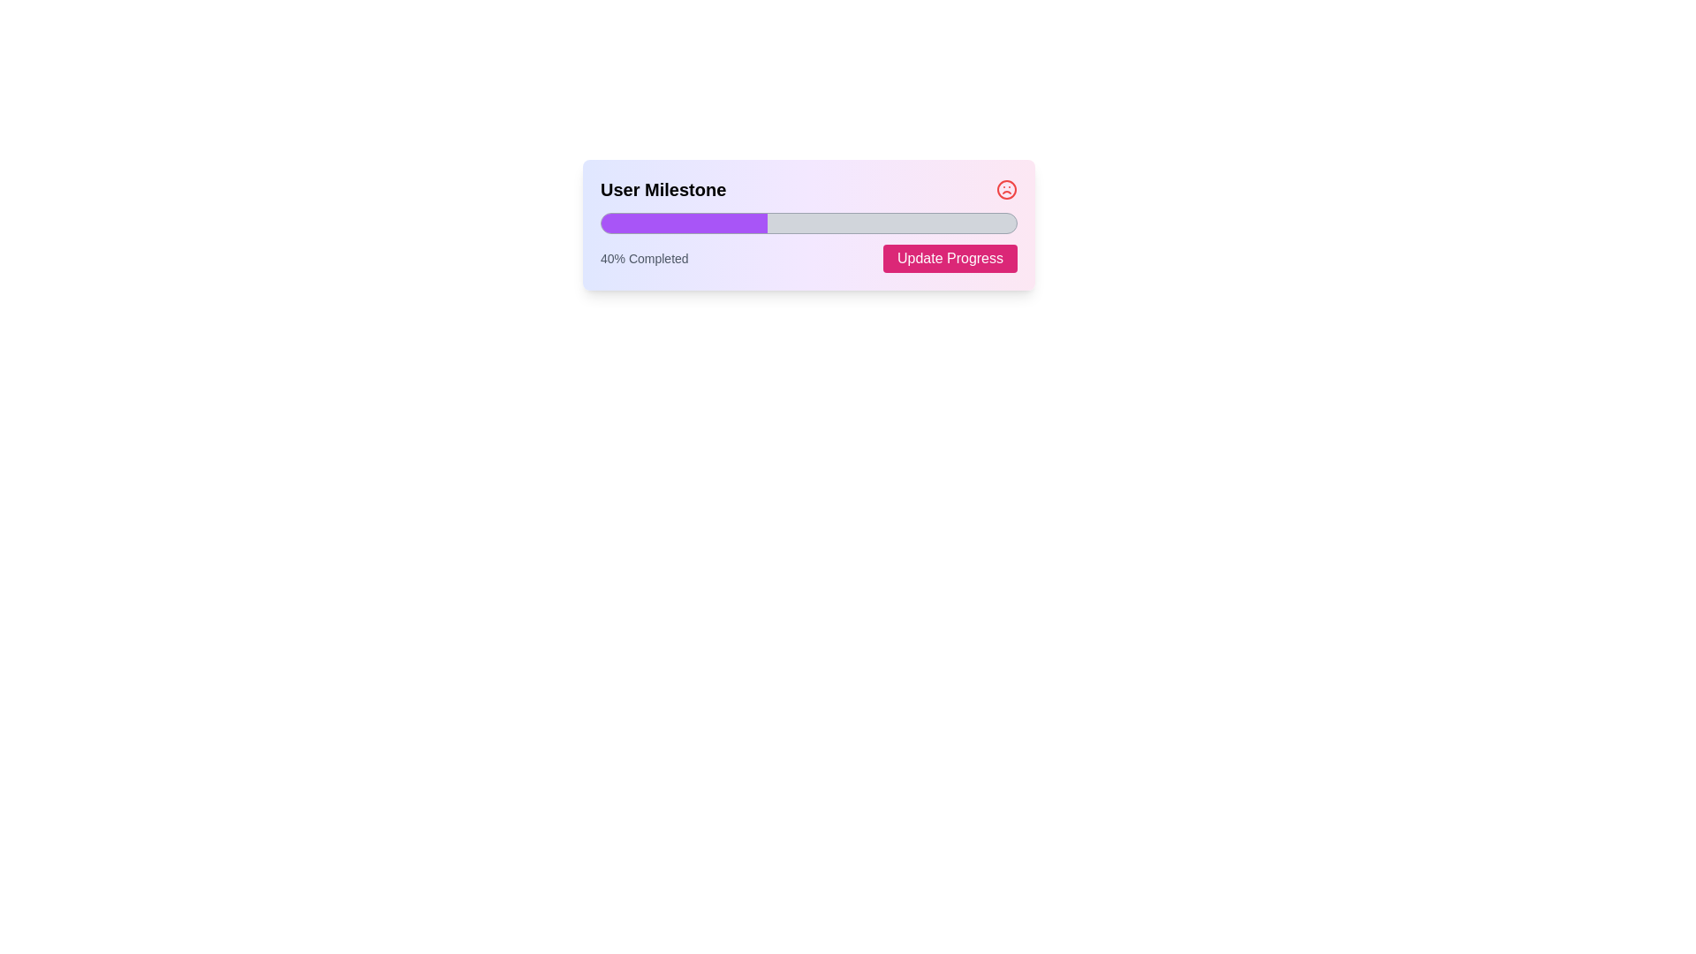  I want to click on the progress bar located between the header 'User Milestone' and the elements '40% Completed' and the pink 'Update Progress' button, which has a light grey background and a purple-filled region representing 40% progress, so click(808, 223).